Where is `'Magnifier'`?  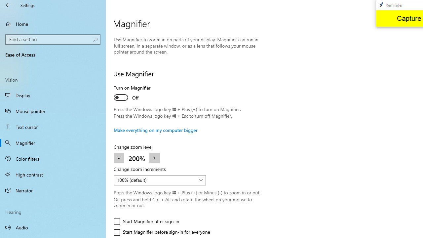
'Magnifier' is located at coordinates (53, 142).